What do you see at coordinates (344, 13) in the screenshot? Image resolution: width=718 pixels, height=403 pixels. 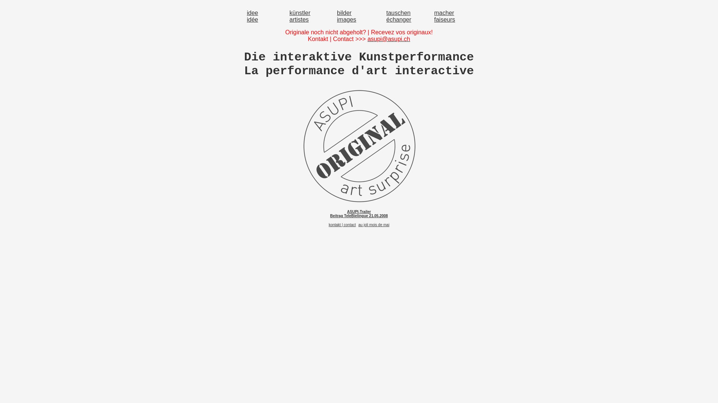 I see `'bilder'` at bounding box center [344, 13].